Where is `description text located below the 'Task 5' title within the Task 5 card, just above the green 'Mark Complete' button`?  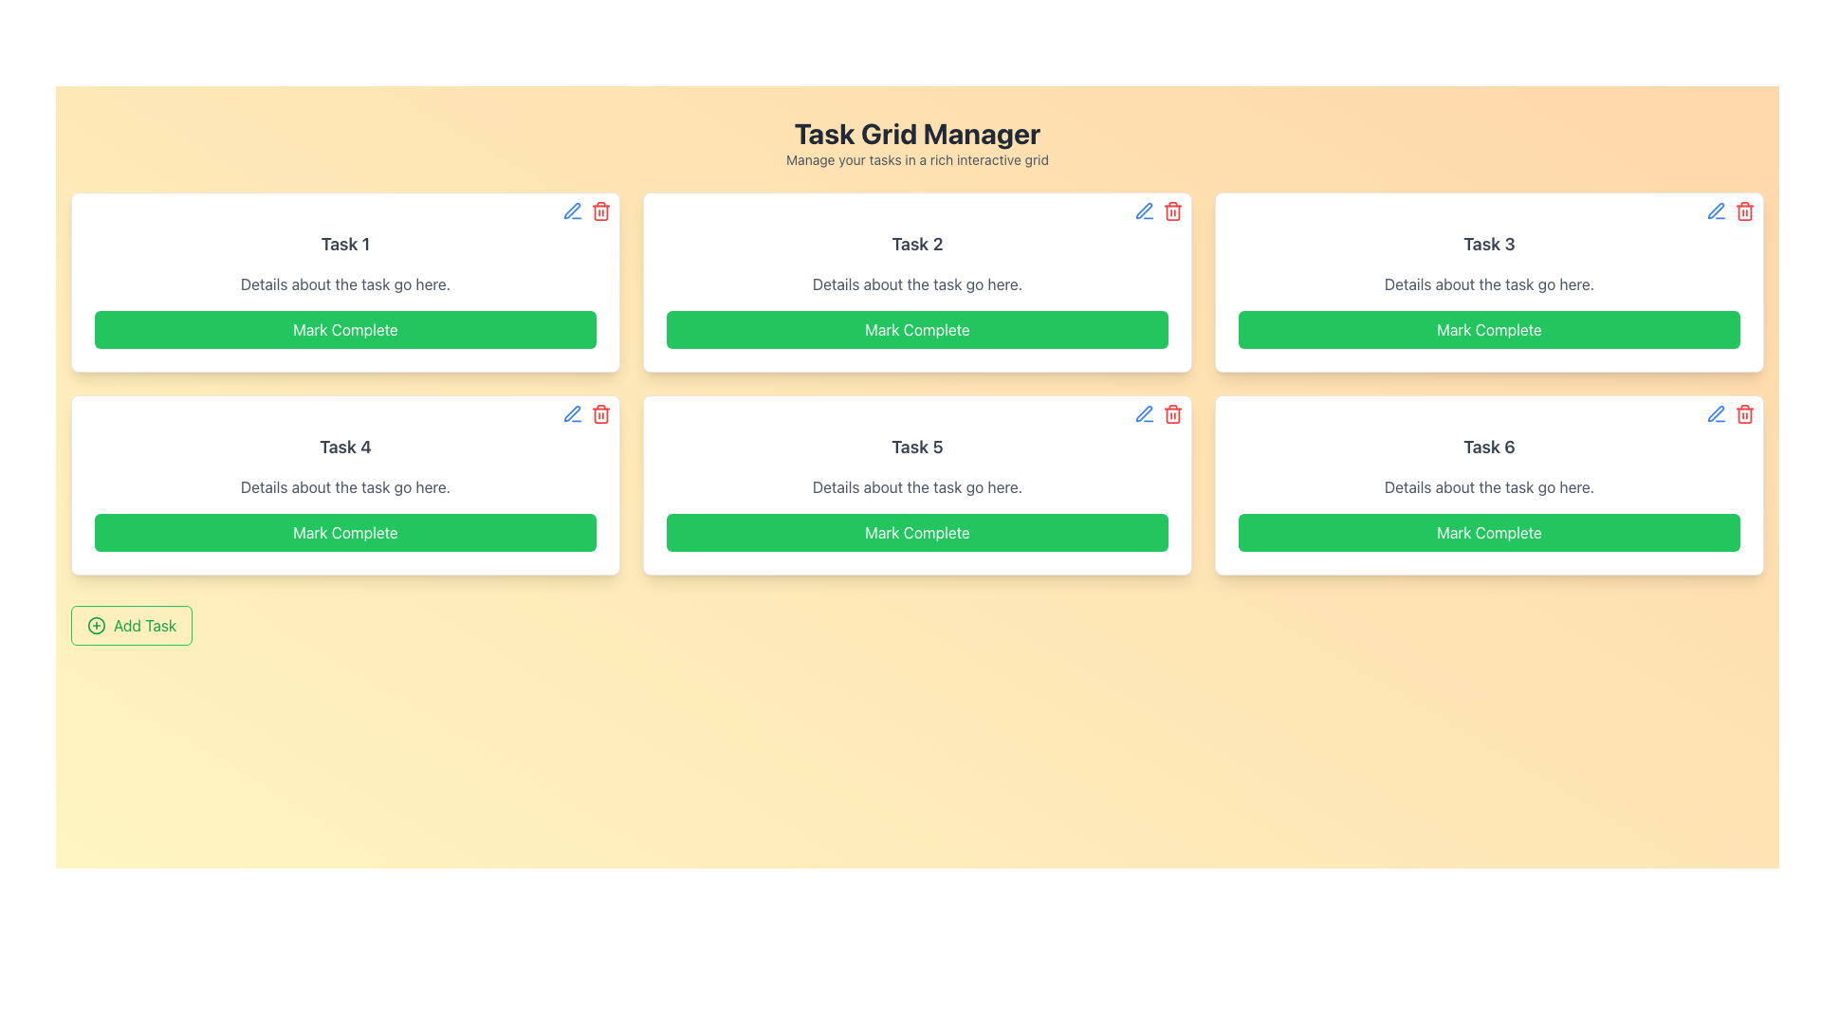
description text located below the 'Task 5' title within the Task 5 card, just above the green 'Mark Complete' button is located at coordinates (917, 485).